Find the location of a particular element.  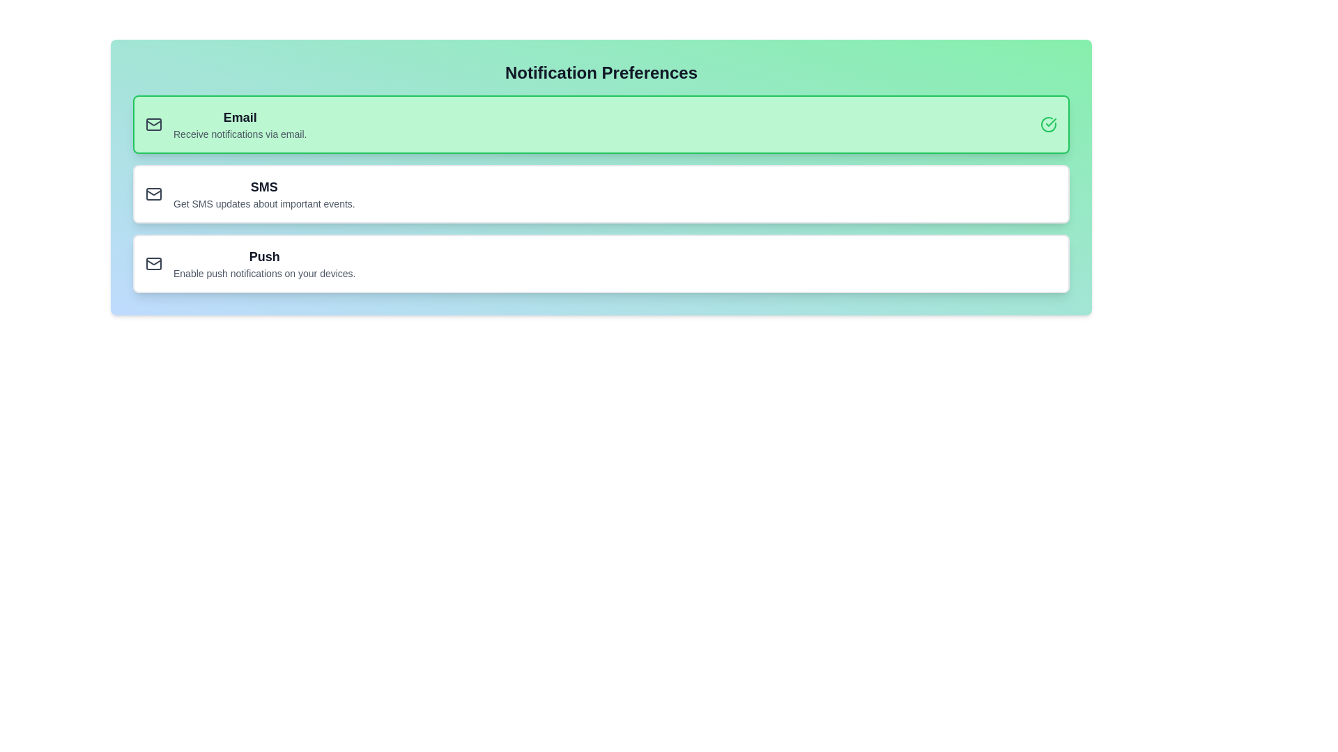

the 'Push' text label, which is styled in bold and dark gray, located at the top of the third notification preference card is located at coordinates (264, 257).